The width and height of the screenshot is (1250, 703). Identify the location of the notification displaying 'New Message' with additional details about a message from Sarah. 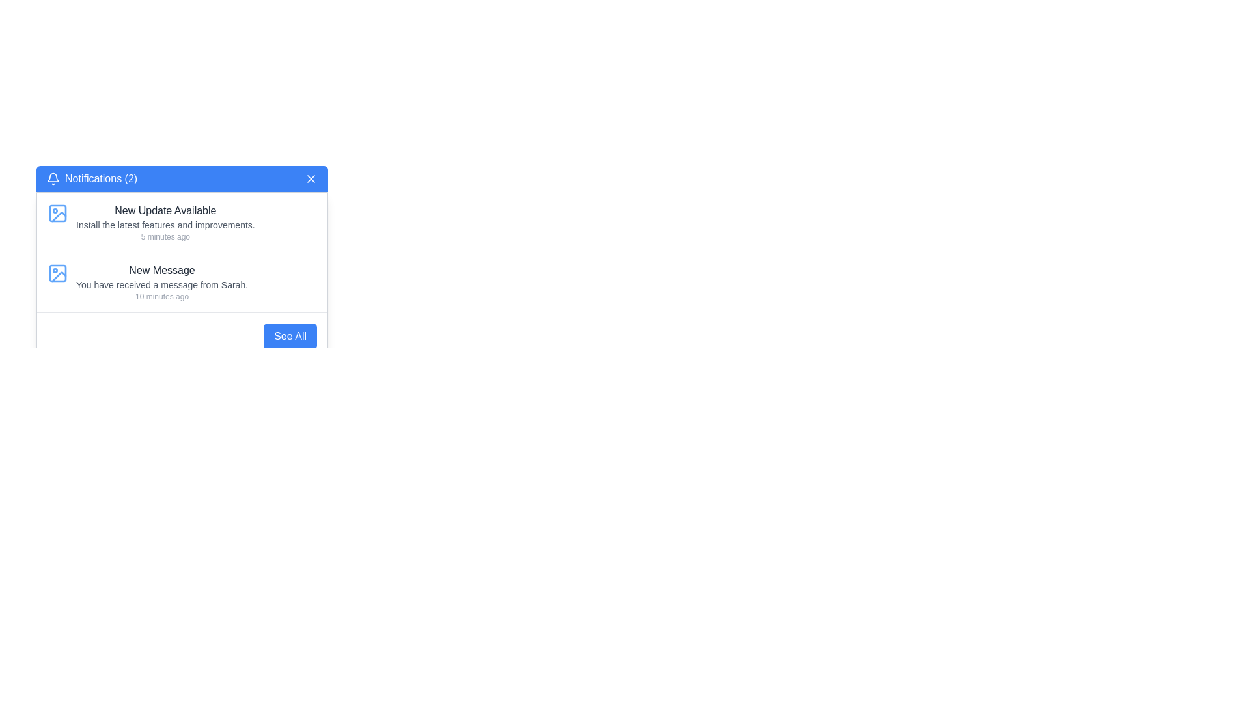
(161, 282).